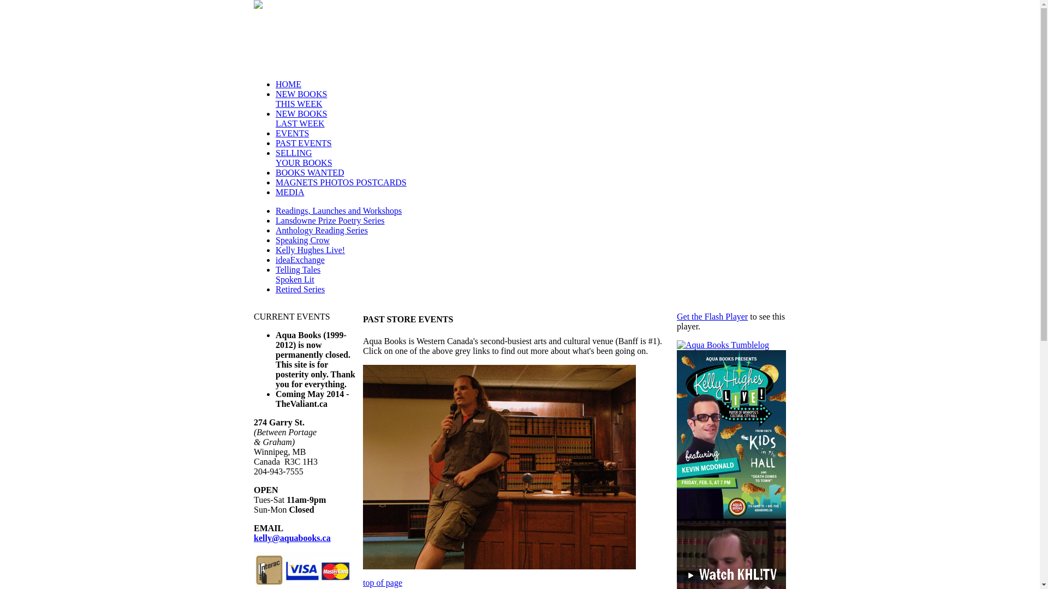 The height and width of the screenshot is (589, 1048). Describe the element at coordinates (340, 182) in the screenshot. I see `'MAGNETS PHOTOS POSTCARDS'` at that location.